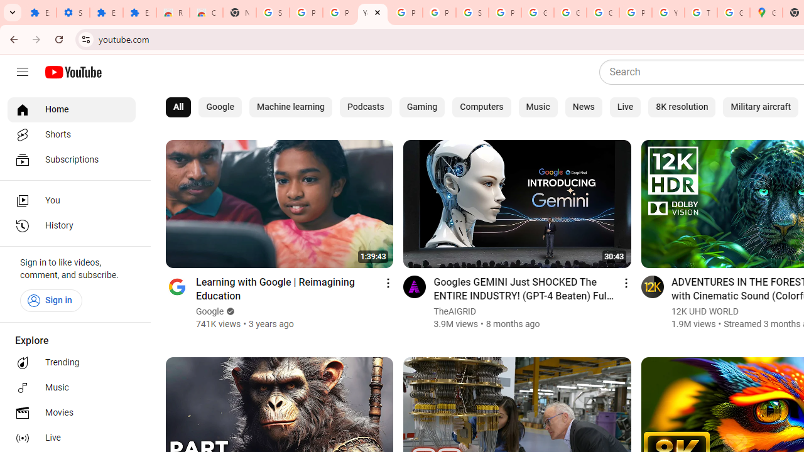  I want to click on '12K UHD WORLD', so click(705, 311).